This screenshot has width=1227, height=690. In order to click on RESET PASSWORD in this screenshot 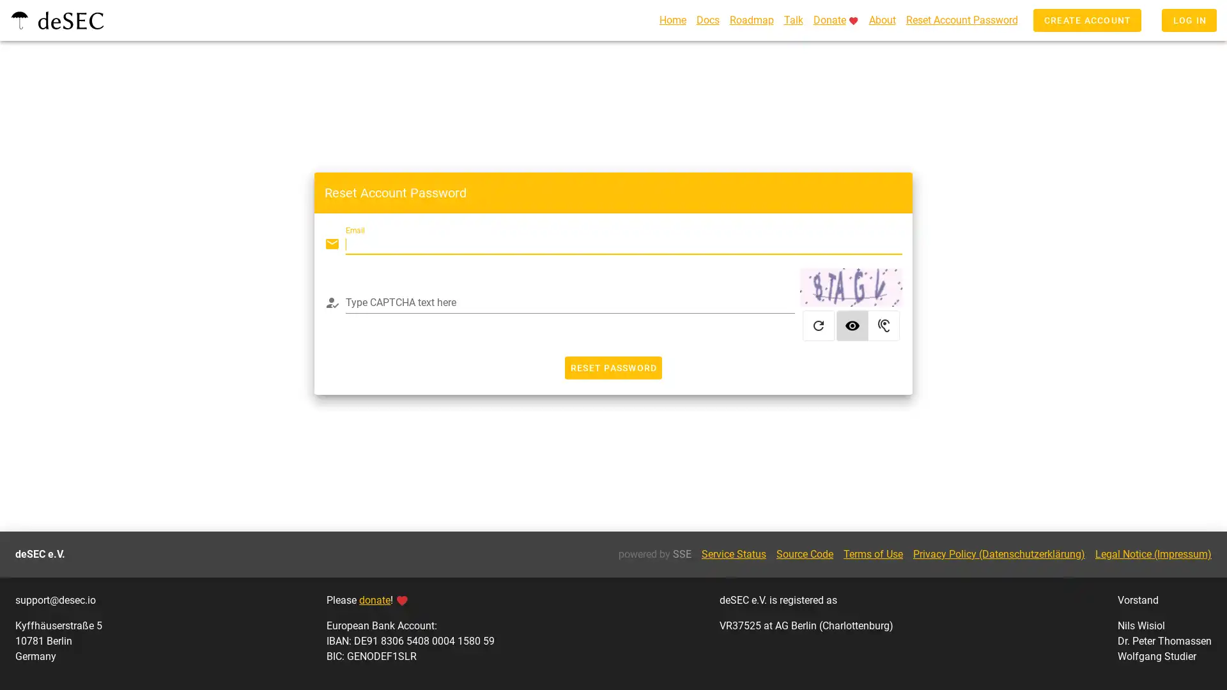, I will do `click(612, 370)`.